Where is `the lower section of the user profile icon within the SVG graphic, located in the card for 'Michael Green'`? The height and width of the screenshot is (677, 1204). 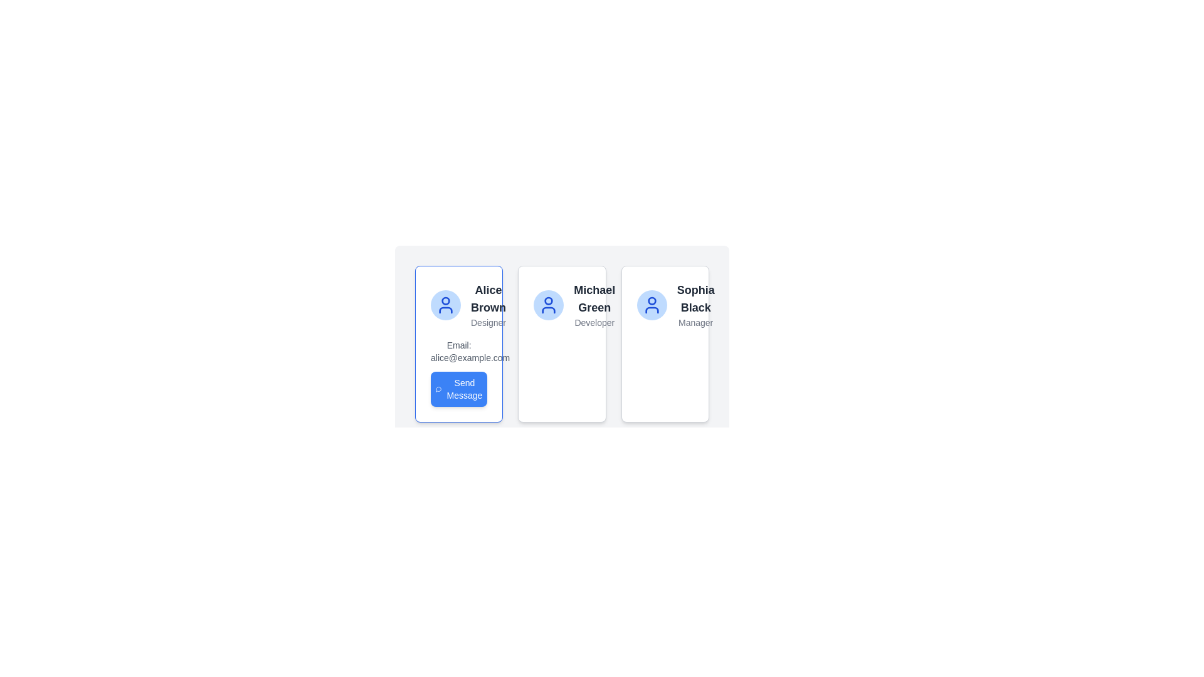
the lower section of the user profile icon within the SVG graphic, located in the card for 'Michael Green' is located at coordinates (549, 310).